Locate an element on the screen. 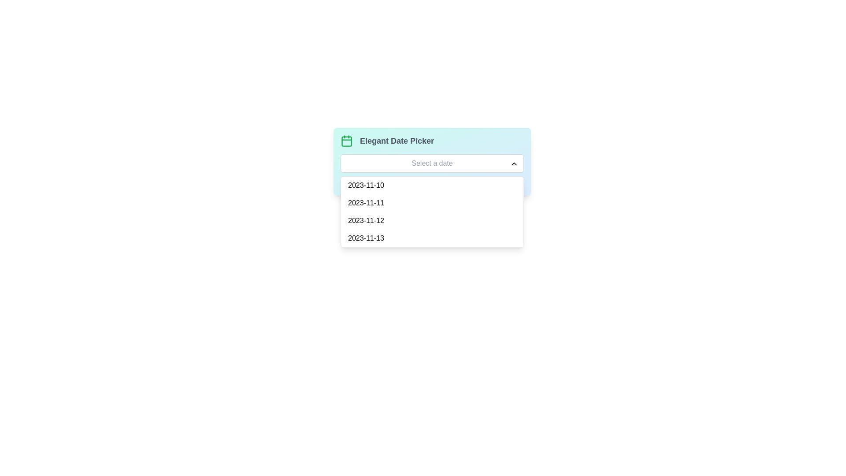  the decorative rectangle within the calendar icon located at the top left of the date picker interface is located at coordinates (346, 141).